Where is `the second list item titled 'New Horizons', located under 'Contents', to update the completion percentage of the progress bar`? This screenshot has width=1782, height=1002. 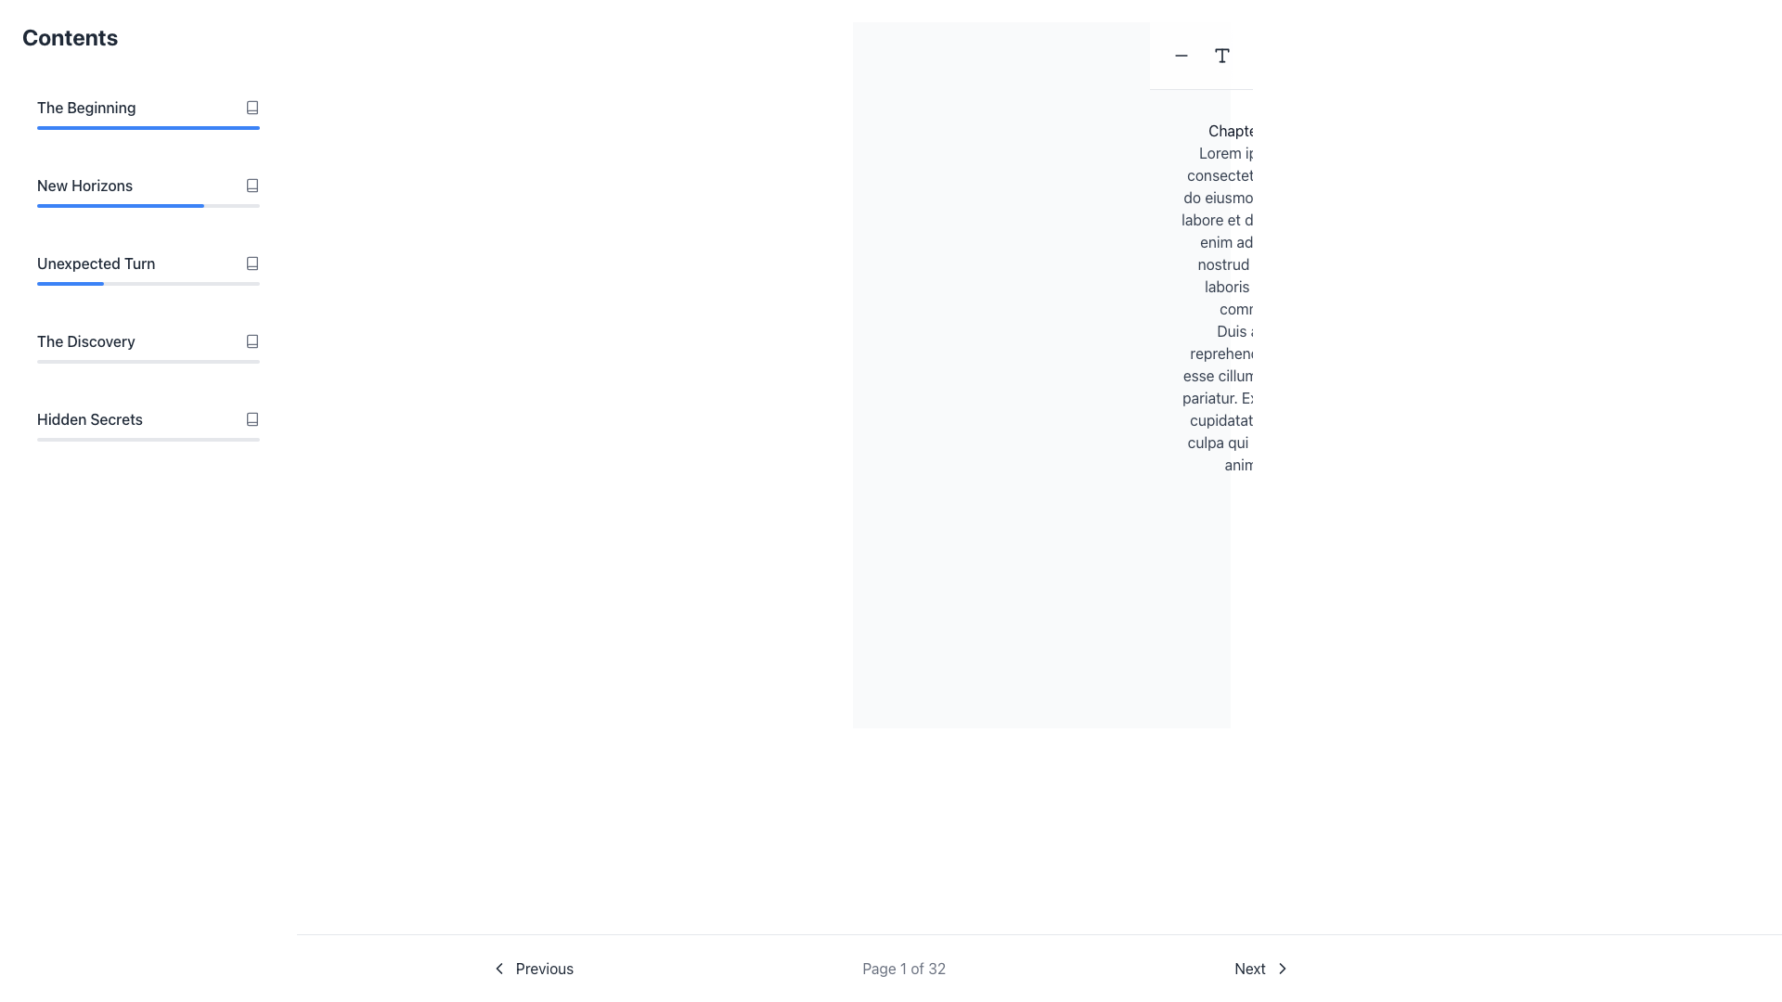 the second list item titled 'New Horizons', located under 'Contents', to update the completion percentage of the progress bar is located at coordinates (147, 190).